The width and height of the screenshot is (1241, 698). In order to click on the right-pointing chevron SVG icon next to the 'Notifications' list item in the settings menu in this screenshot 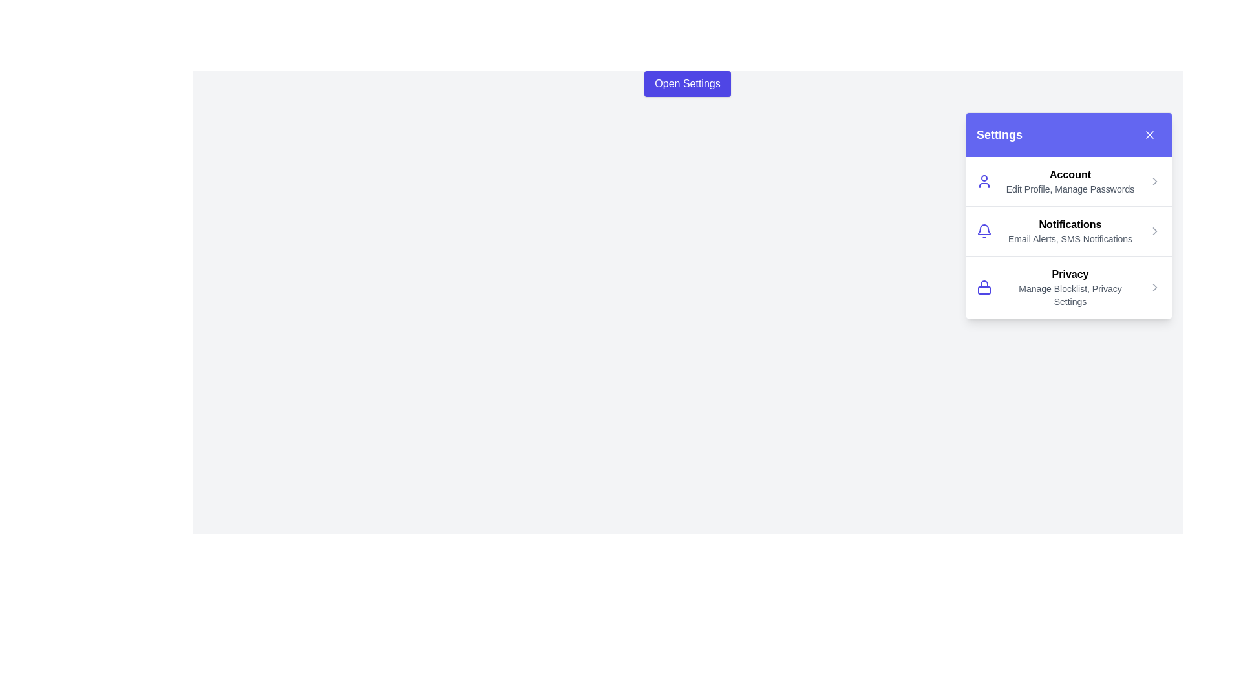, I will do `click(1154, 231)`.